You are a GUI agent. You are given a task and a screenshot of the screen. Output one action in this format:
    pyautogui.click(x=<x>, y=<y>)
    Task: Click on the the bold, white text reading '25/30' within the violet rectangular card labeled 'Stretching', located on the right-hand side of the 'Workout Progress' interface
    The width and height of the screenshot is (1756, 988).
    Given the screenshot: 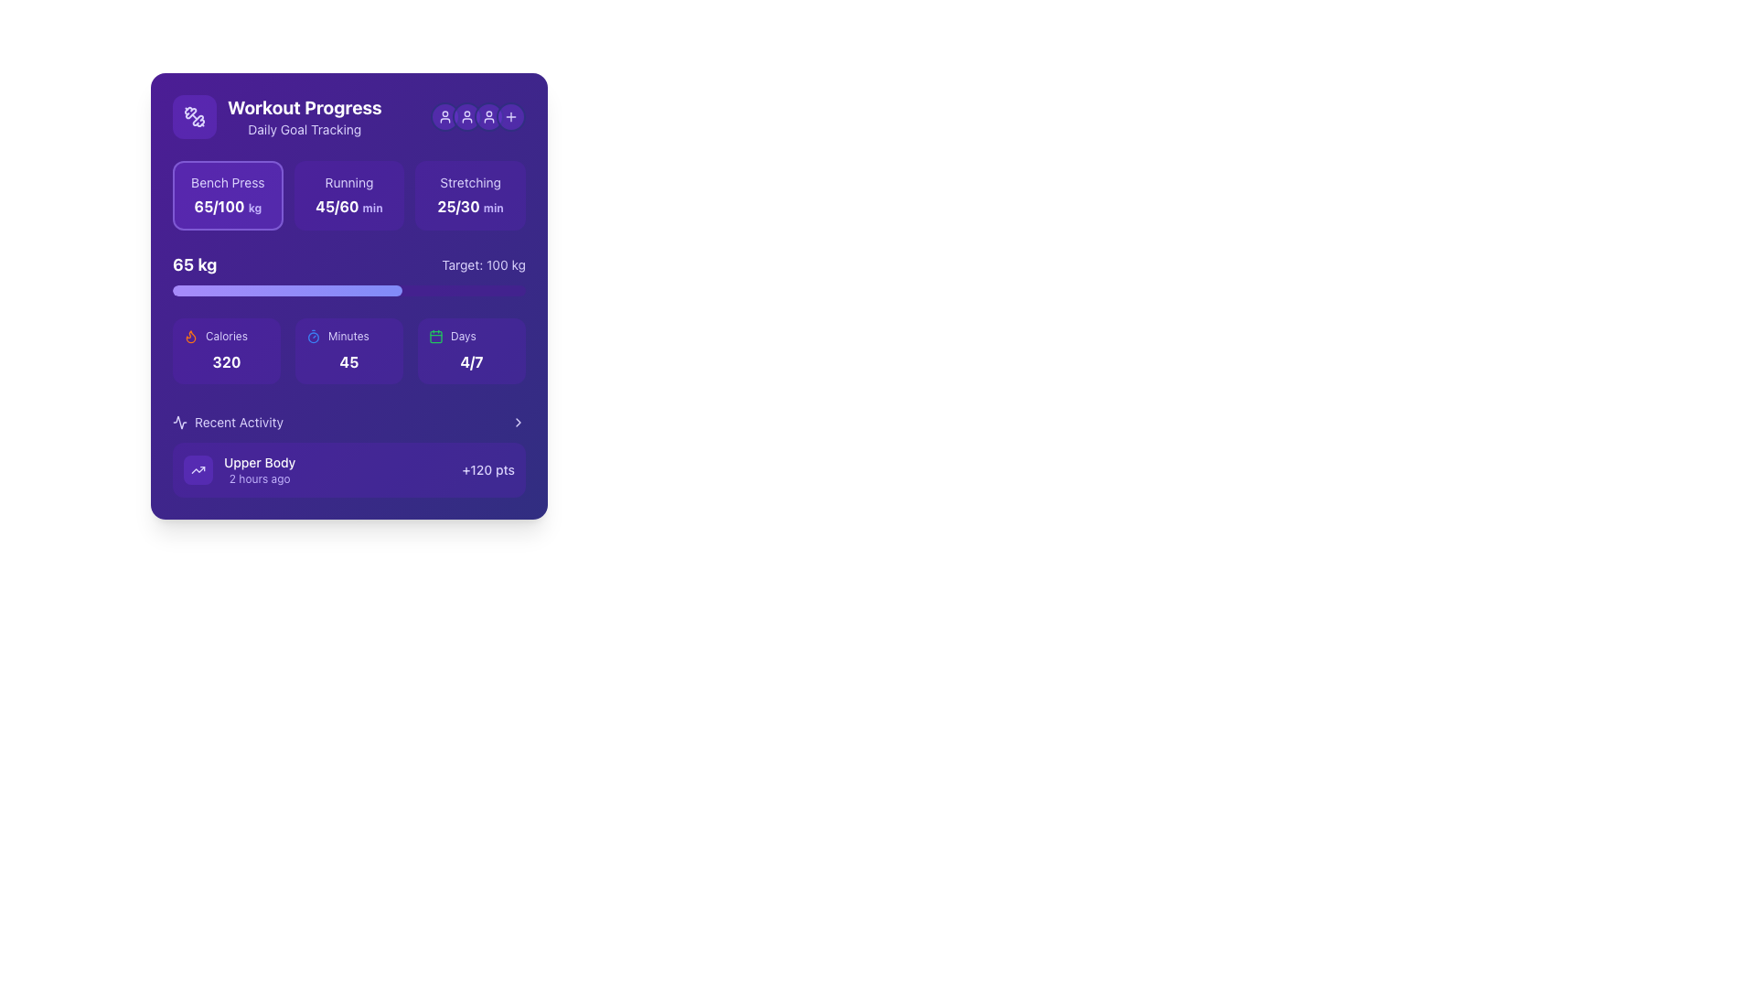 What is the action you would take?
    pyautogui.click(x=470, y=206)
    